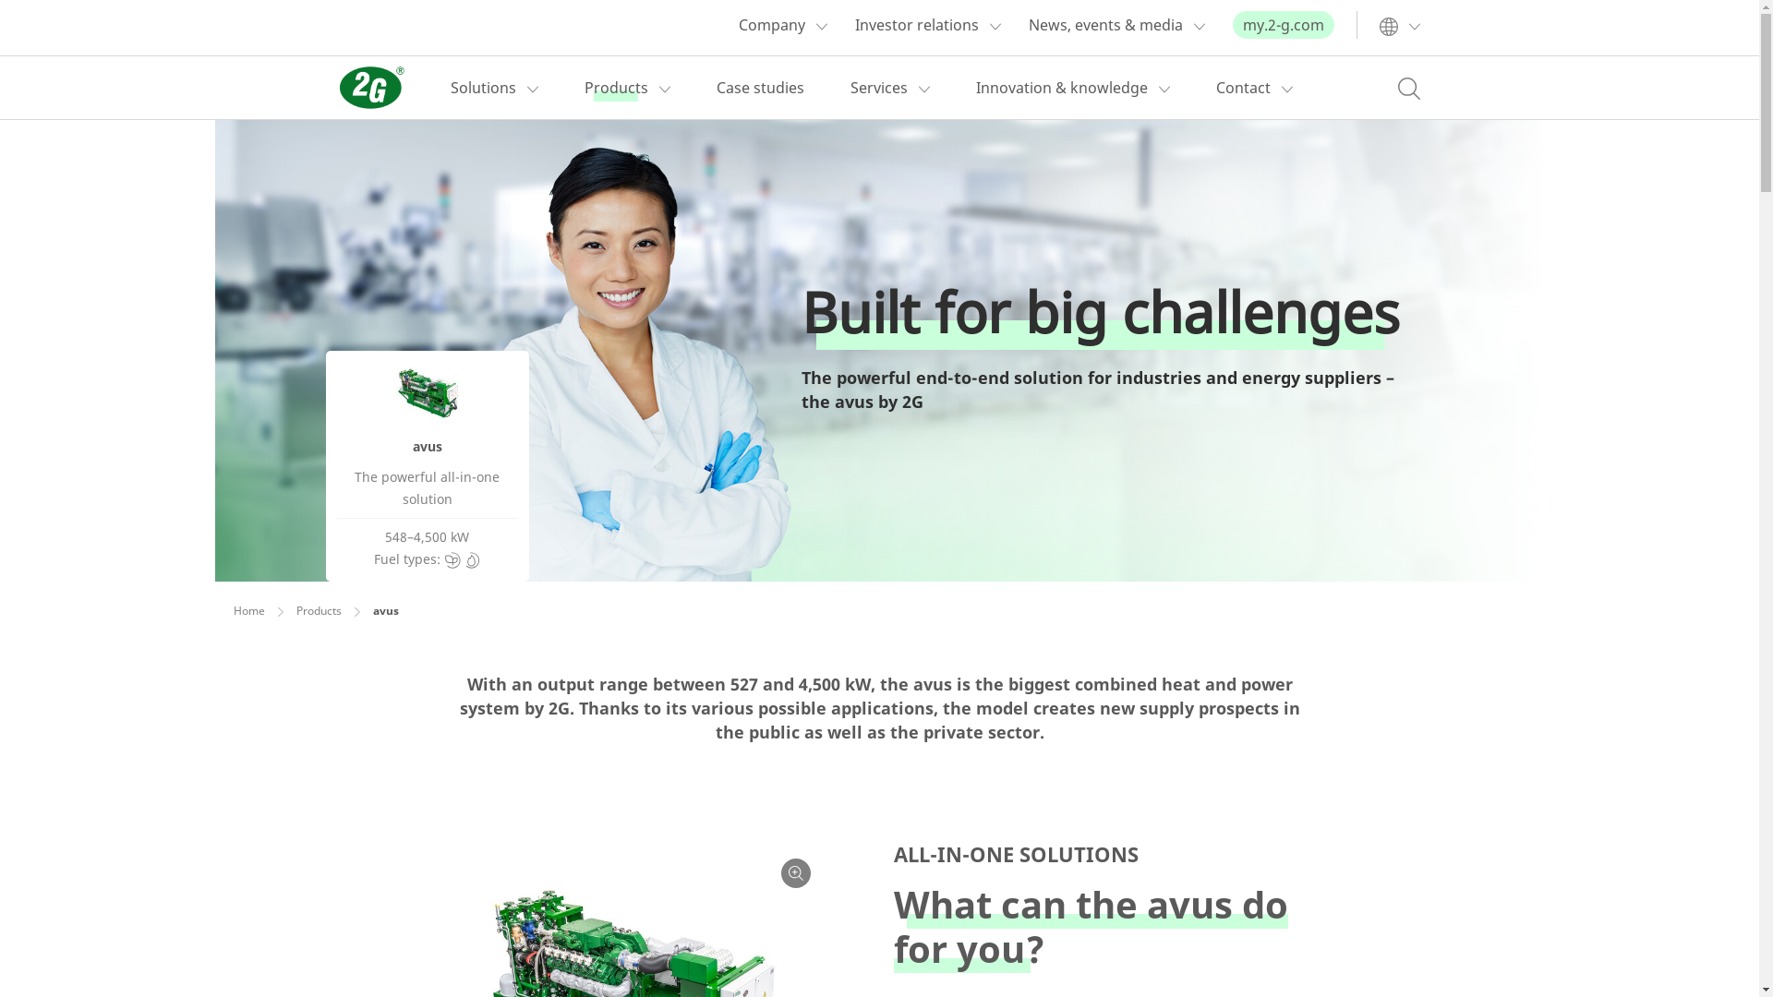  I want to click on 'Innovation & knowledge', so click(1060, 88).